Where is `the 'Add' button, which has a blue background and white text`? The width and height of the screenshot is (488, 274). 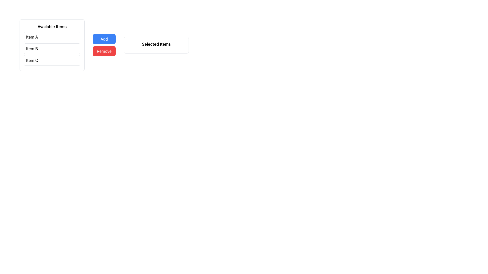
the 'Add' button, which has a blue background and white text is located at coordinates (104, 39).